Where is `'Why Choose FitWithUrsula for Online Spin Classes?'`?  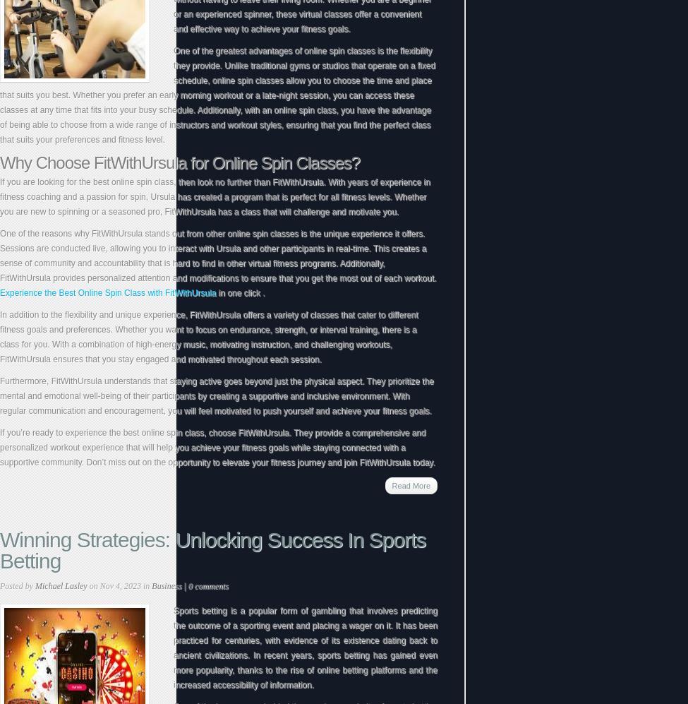
'Why Choose FitWithUrsula for Online Spin Classes?' is located at coordinates (179, 162).